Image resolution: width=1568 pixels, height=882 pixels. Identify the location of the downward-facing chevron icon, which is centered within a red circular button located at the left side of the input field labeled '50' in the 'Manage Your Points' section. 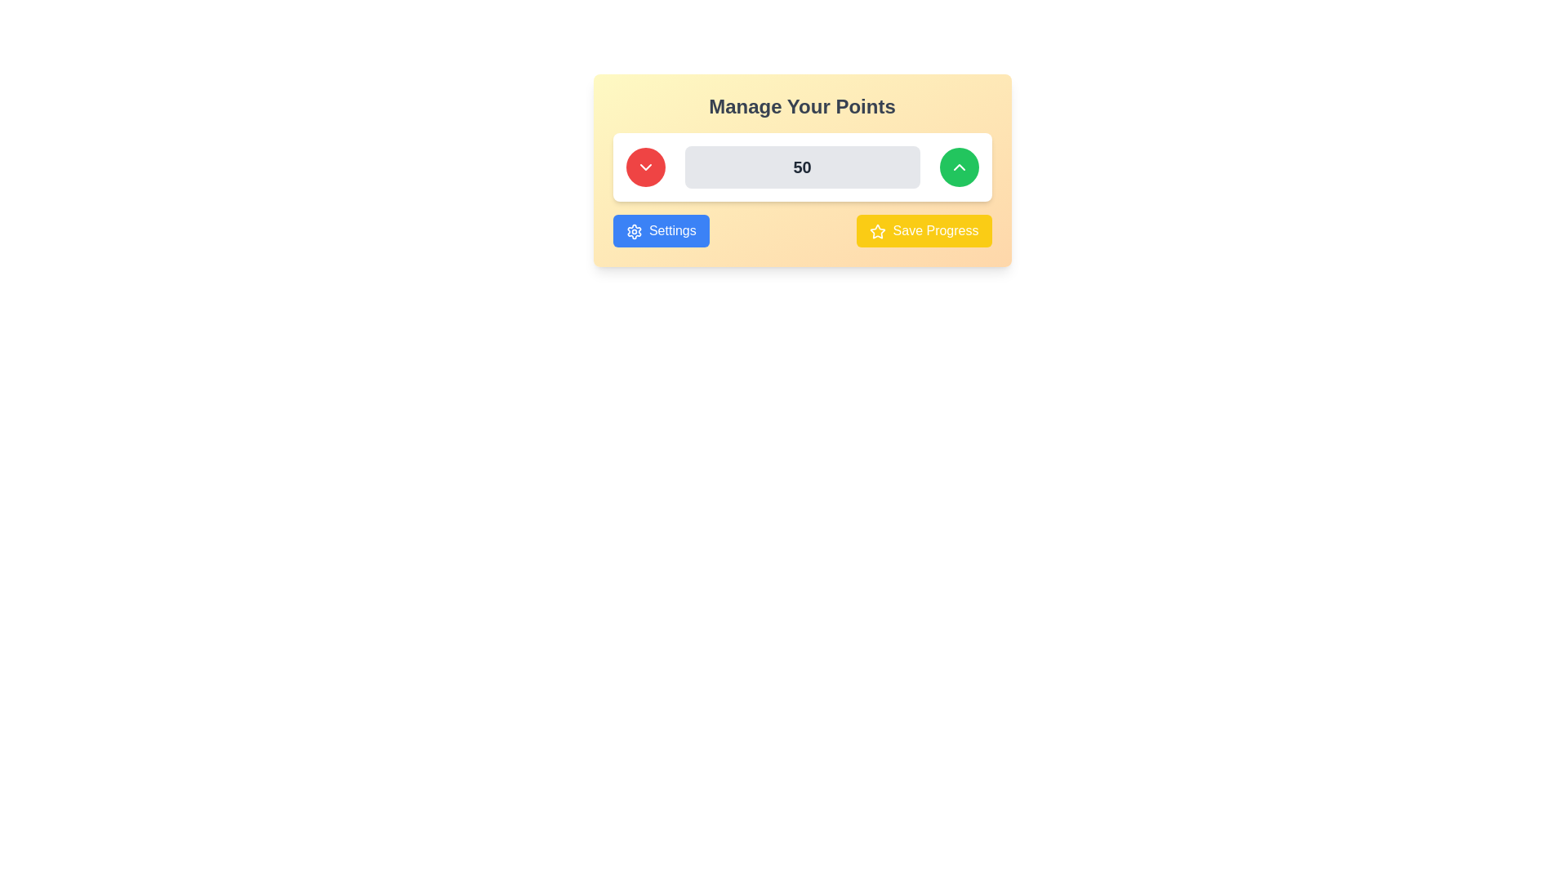
(644, 167).